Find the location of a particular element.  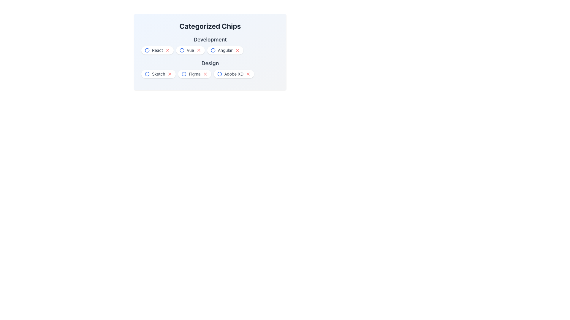

the highlighted chip labeled 'Angular' in the 'Development' section for visual feedback is located at coordinates (210, 50).